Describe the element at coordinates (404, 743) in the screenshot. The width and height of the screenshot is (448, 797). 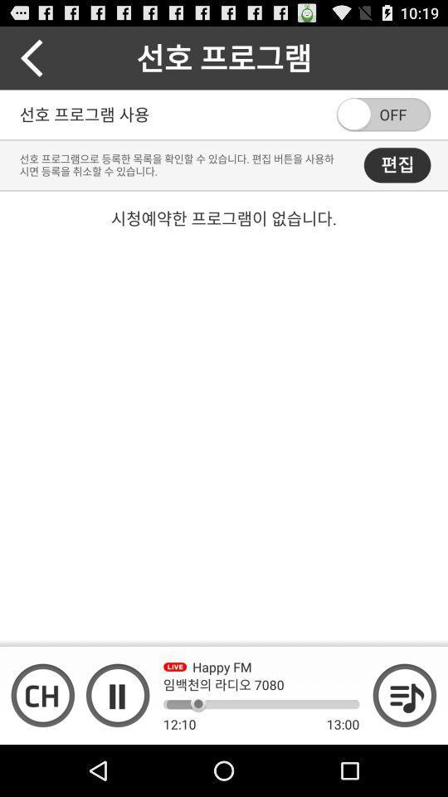
I see `the playlist icon` at that location.